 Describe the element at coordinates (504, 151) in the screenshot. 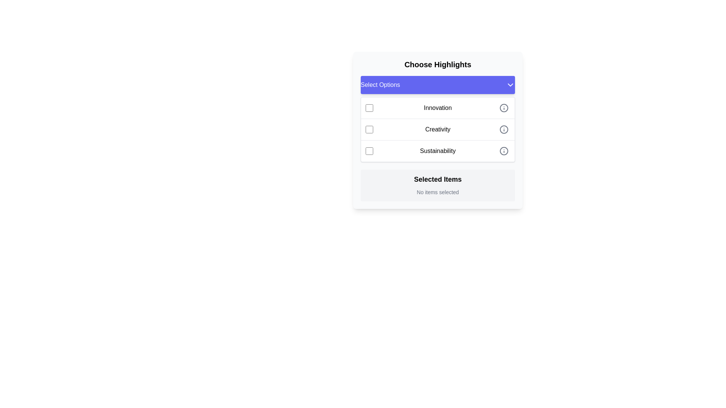

I see `the last Information icon, which is a circular icon resembling an info symbol, located to the right of the checkbox and 'Sustainability' text on the third row in the list` at that location.